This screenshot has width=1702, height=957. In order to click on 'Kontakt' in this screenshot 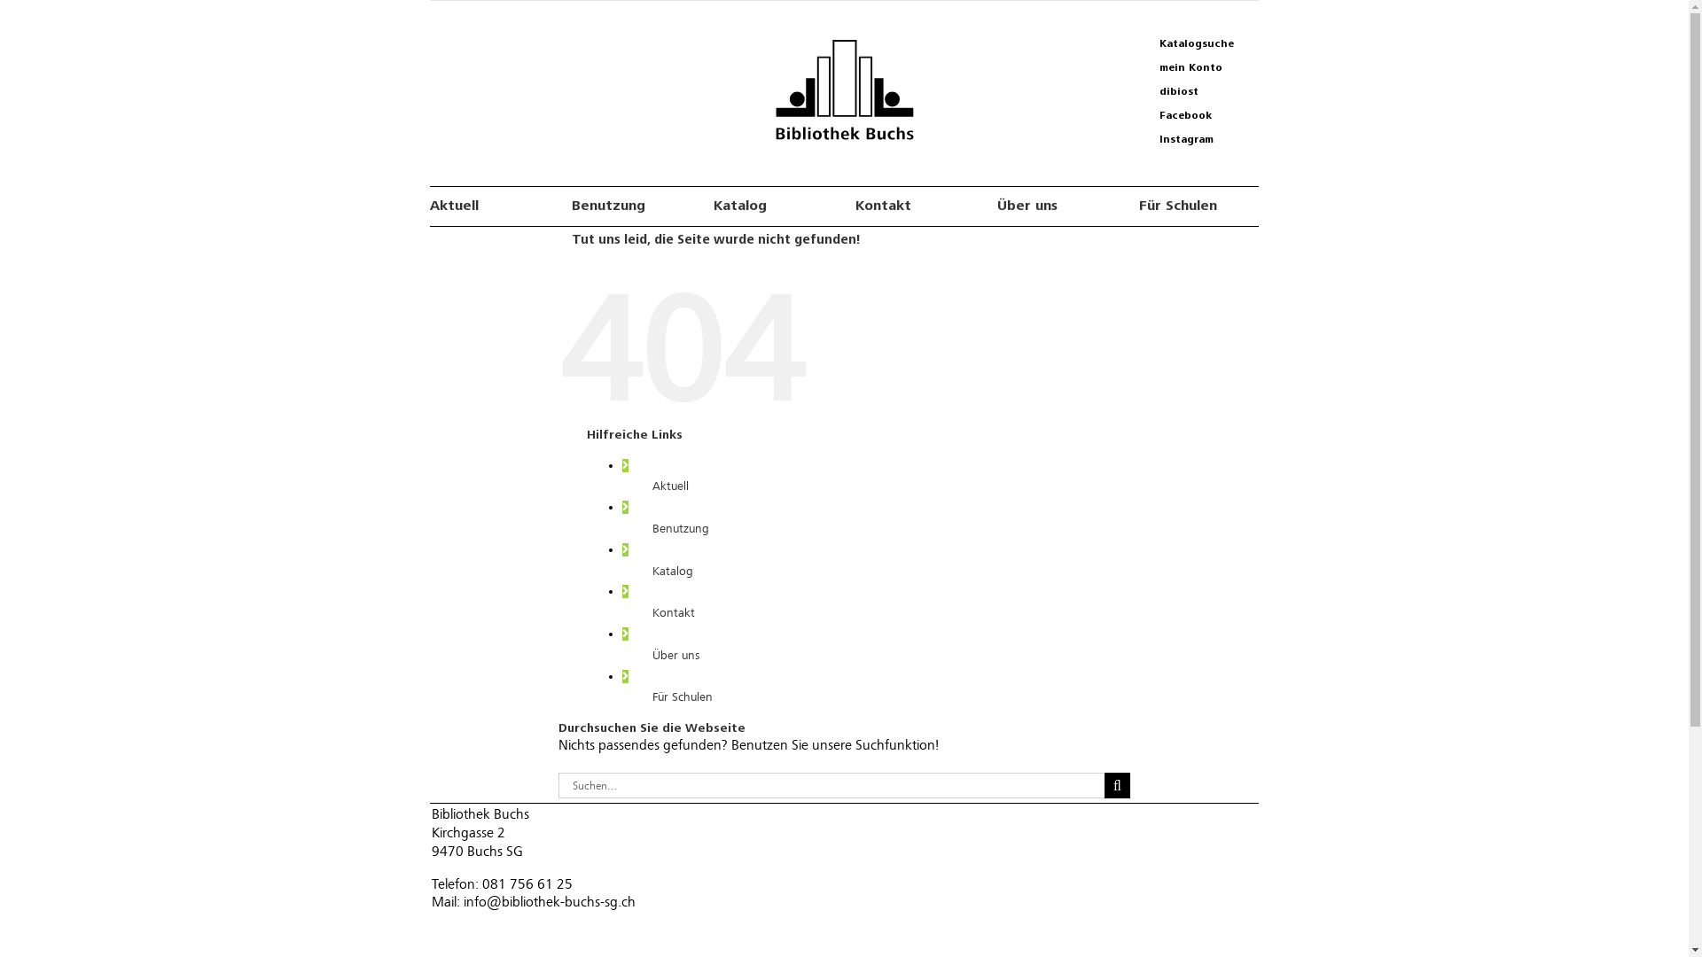, I will do `click(915, 205)`.